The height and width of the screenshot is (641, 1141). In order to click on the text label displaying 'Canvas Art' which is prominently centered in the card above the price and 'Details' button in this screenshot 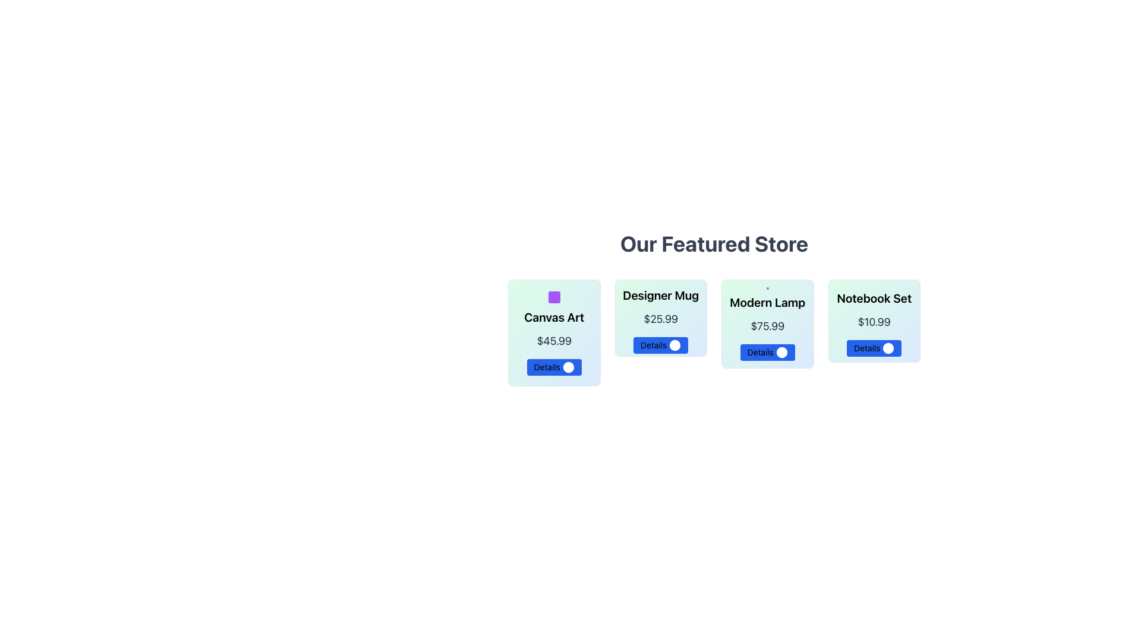, I will do `click(553, 317)`.